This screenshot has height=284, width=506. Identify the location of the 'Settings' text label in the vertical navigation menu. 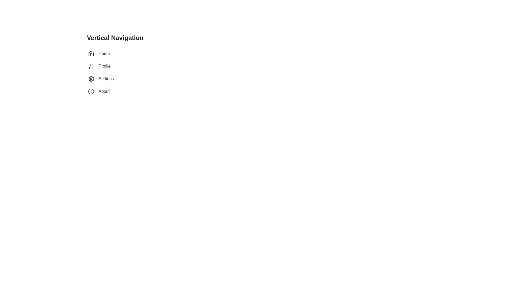
(106, 79).